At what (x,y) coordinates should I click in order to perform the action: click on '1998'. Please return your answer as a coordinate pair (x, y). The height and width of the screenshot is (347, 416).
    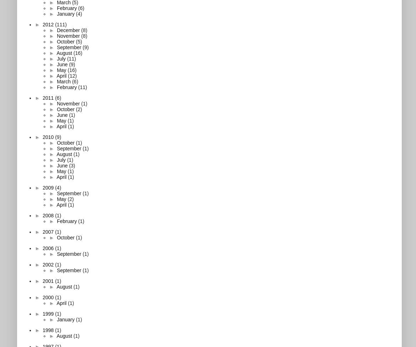
    Looking at the image, I should click on (48, 329).